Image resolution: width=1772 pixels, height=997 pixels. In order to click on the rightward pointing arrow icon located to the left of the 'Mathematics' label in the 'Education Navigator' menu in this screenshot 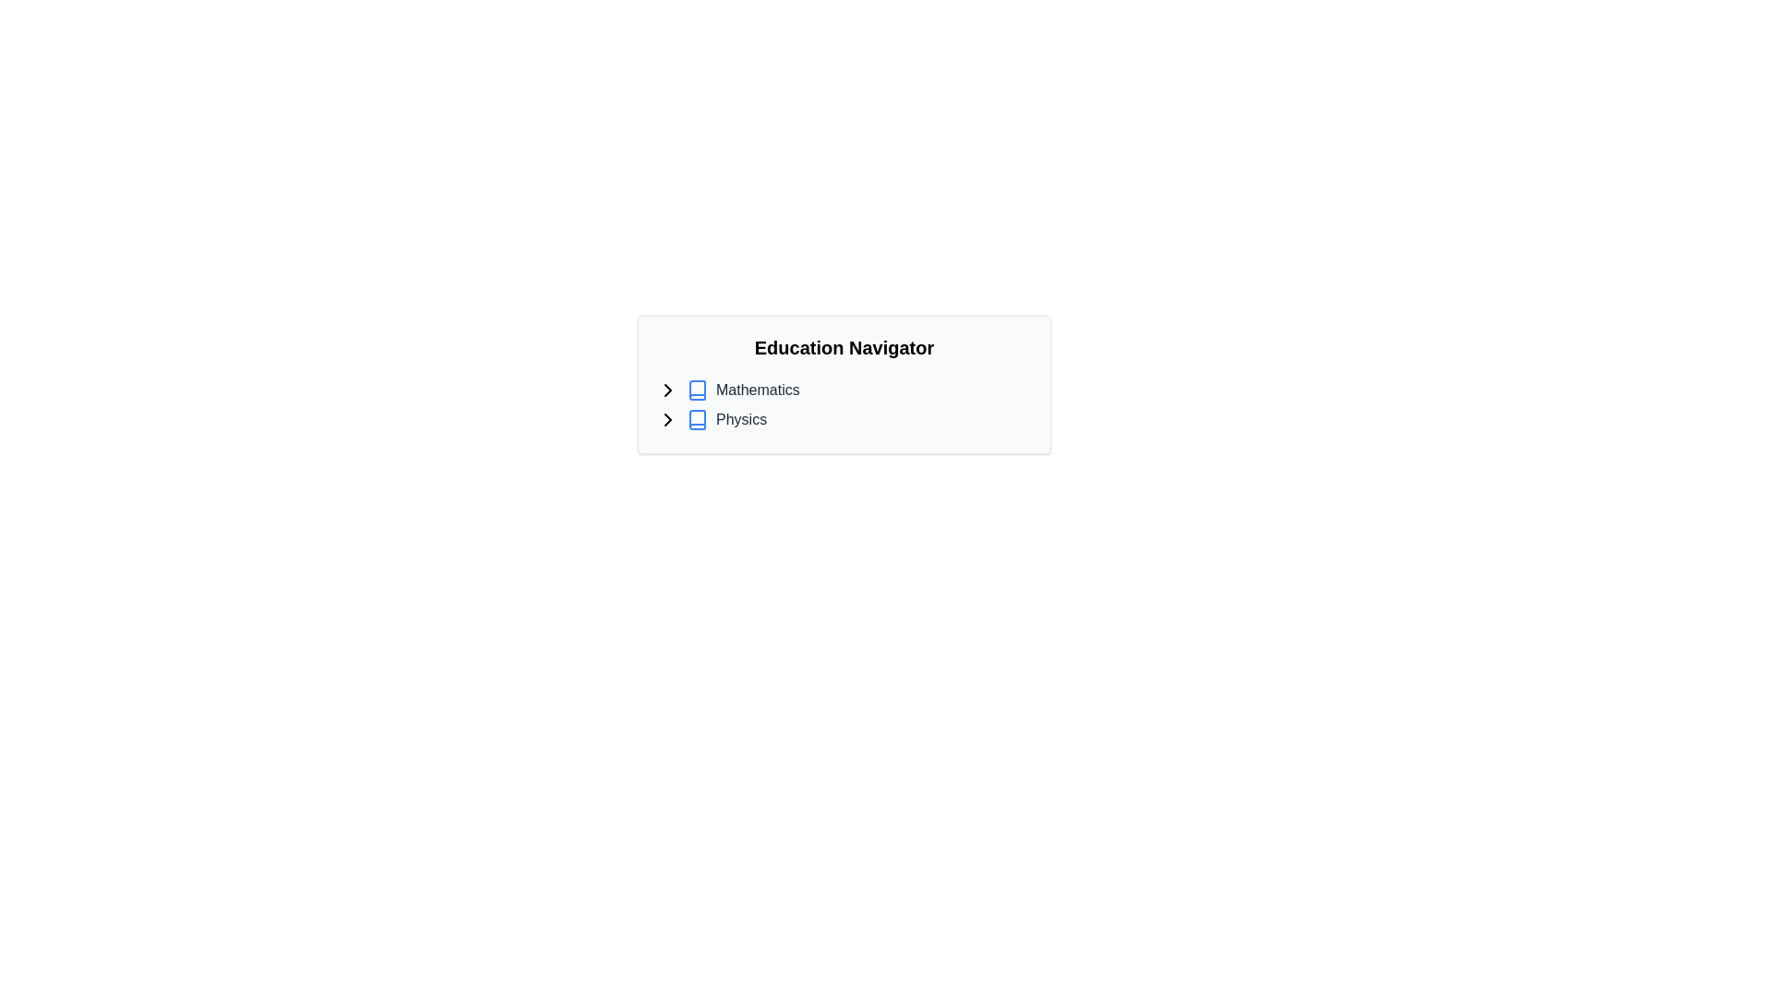, I will do `click(667, 420)`.